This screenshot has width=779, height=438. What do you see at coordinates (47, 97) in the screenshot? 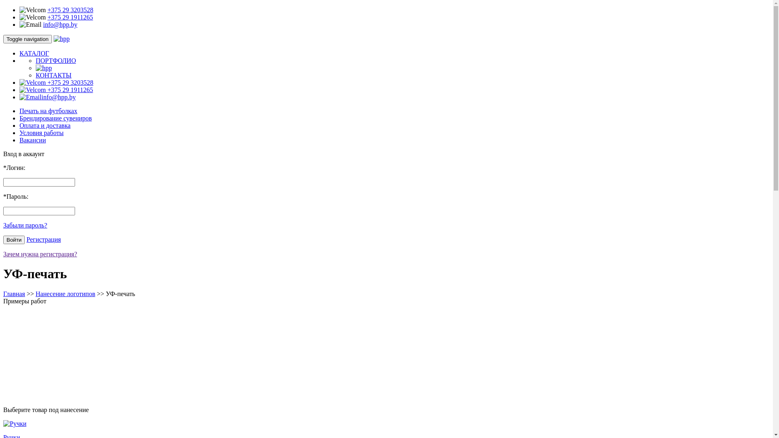
I see `'info@hpp.by'` at bounding box center [47, 97].